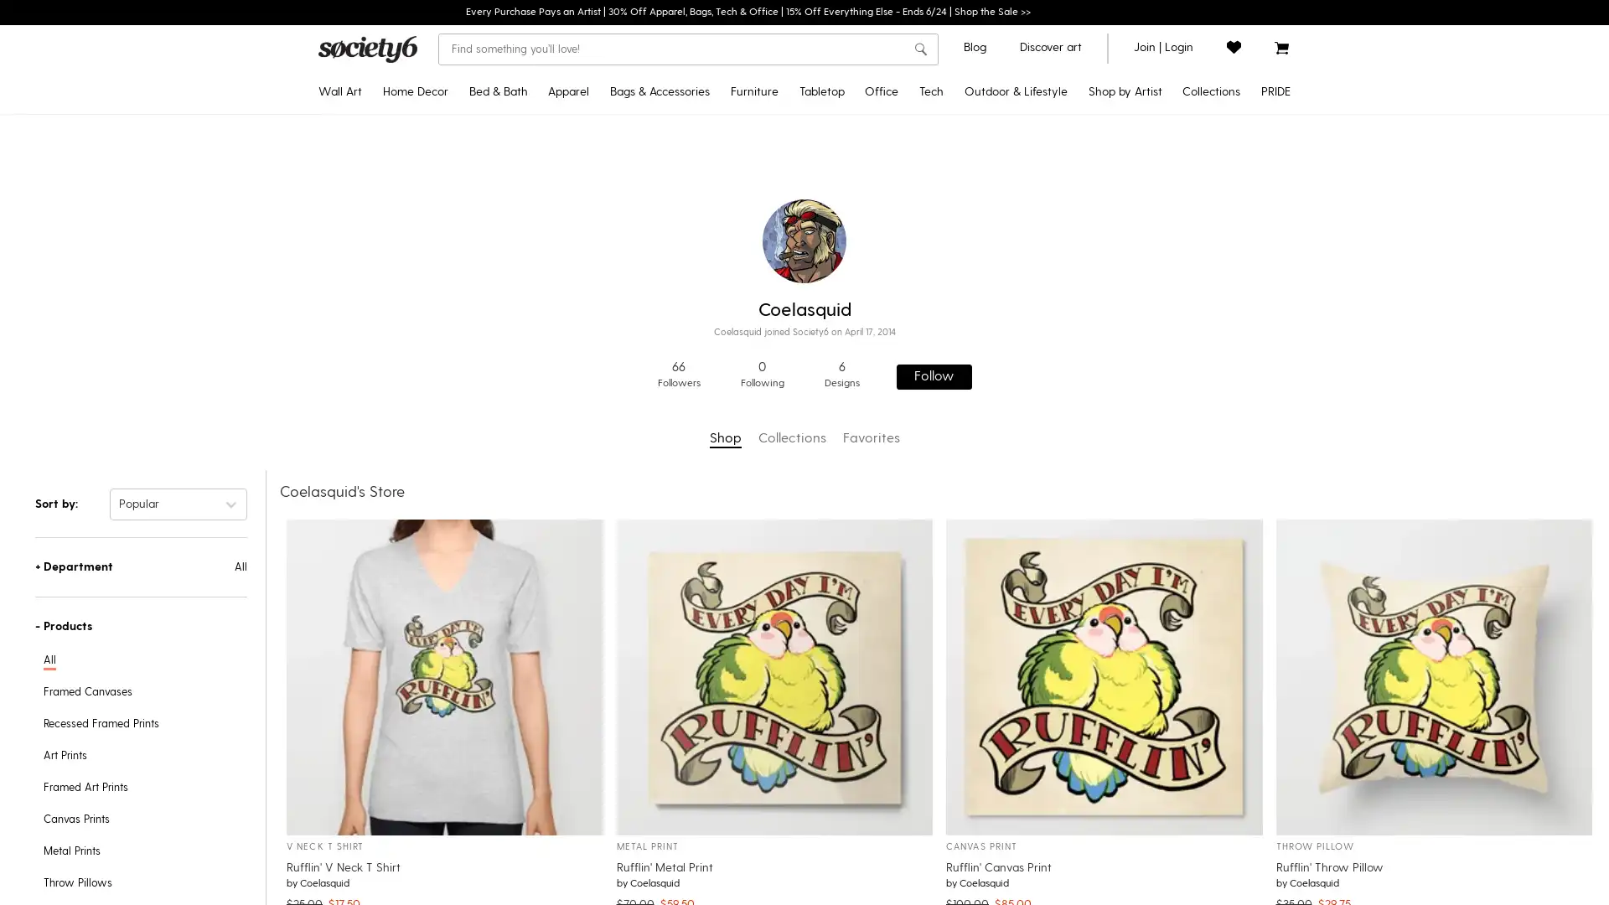 The height and width of the screenshot is (905, 1609). I want to click on Desk MatsNEW, so click(923, 134).